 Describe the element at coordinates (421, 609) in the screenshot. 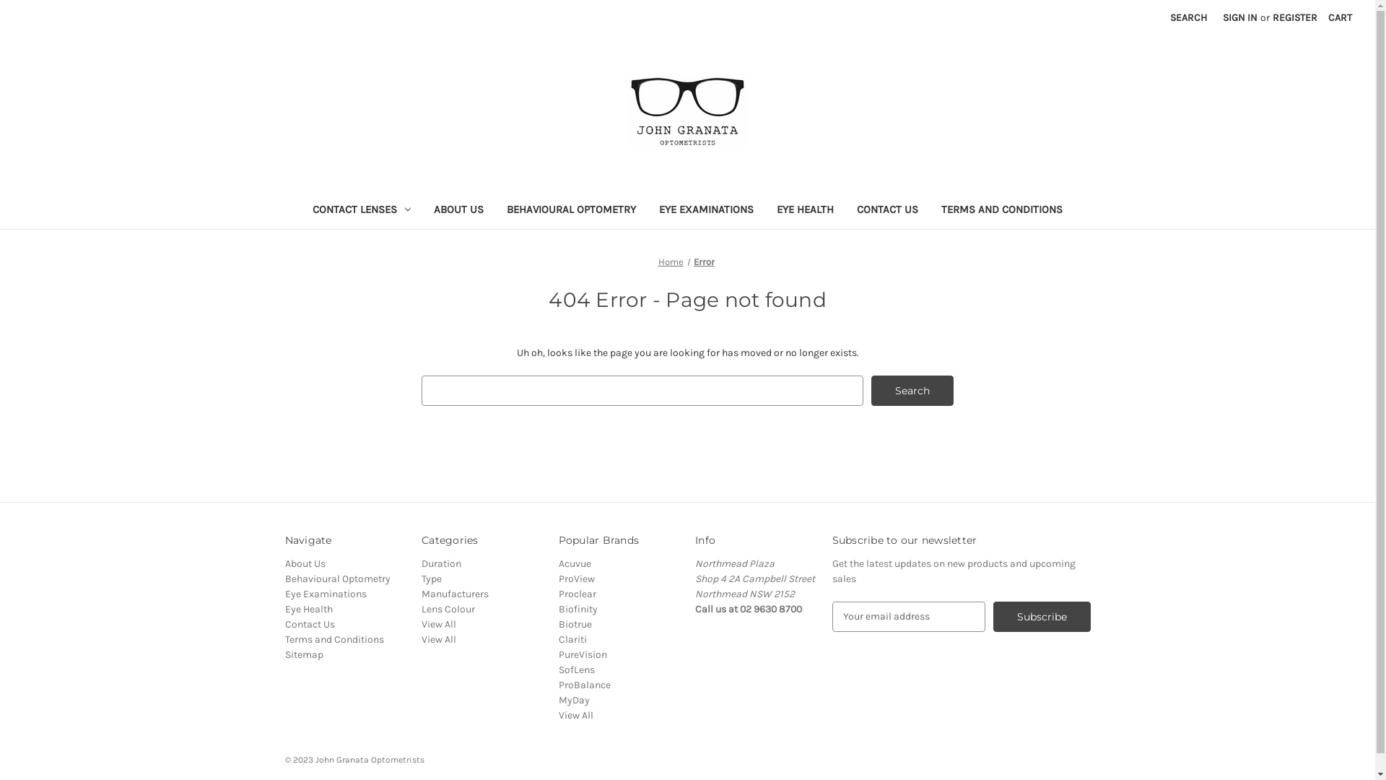

I see `'Lens Colour'` at that location.